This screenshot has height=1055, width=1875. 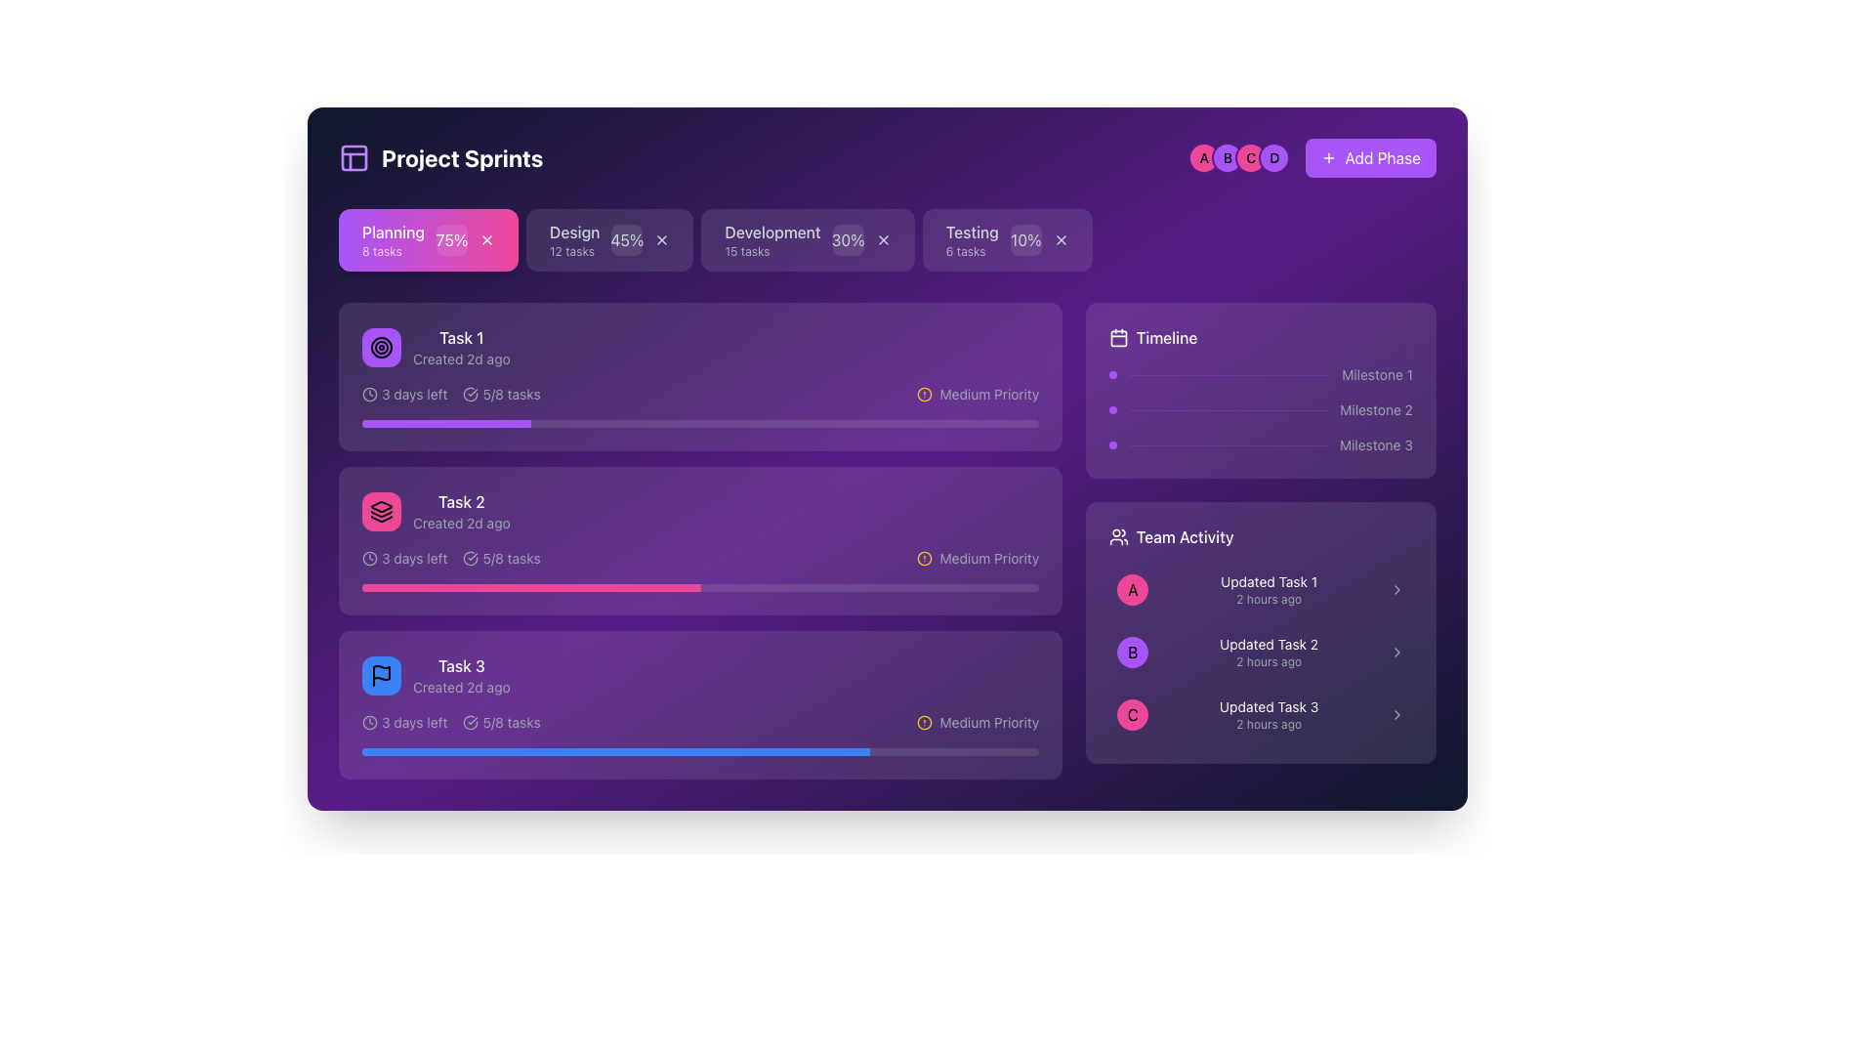 I want to click on the icon located to the right of the 'Updated Task 3' list item in the 'Team Activity' section, so click(x=1396, y=715).